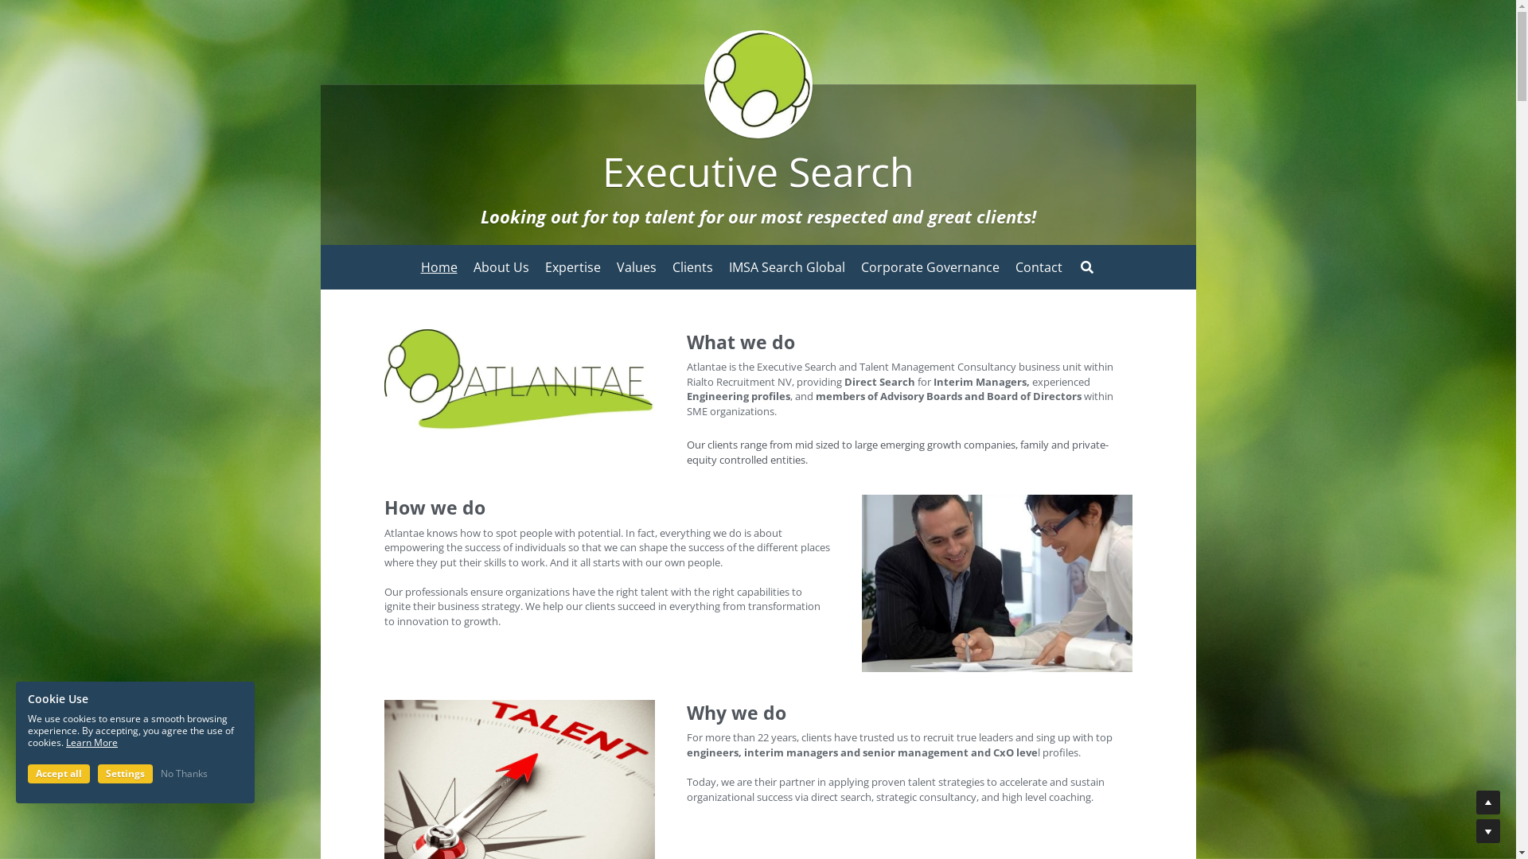 Image resolution: width=1528 pixels, height=859 pixels. Describe the element at coordinates (1039, 266) in the screenshot. I see `'Contact'` at that location.